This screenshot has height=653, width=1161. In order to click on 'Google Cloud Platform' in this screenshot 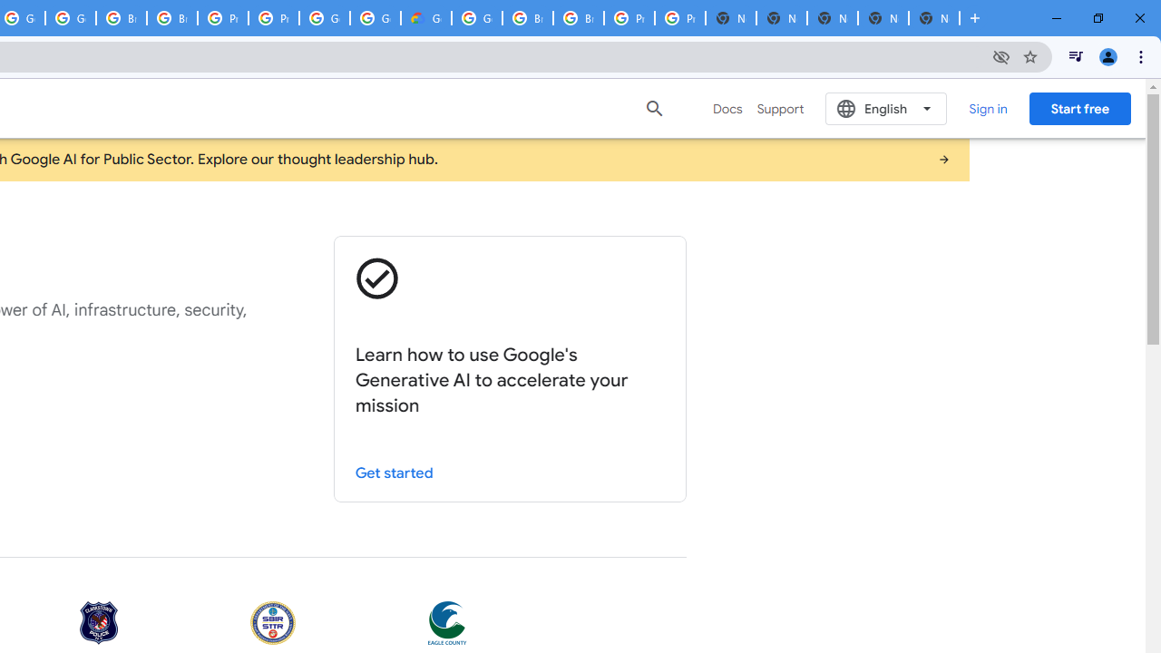, I will do `click(477, 18)`.